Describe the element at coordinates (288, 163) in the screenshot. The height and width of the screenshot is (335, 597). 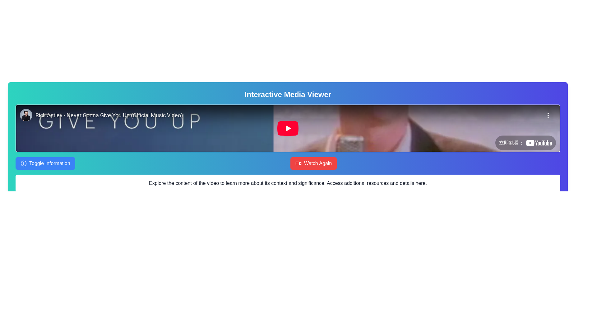
I see `the buttons in the Interactive Section with Buttons, located centrally within the 'Interactive Media Viewer'` at that location.